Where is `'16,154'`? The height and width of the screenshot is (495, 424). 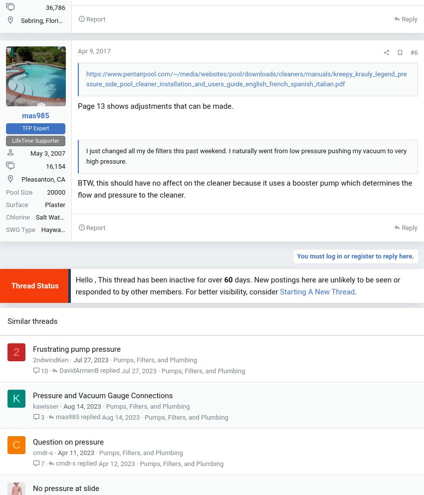 '16,154' is located at coordinates (55, 166).